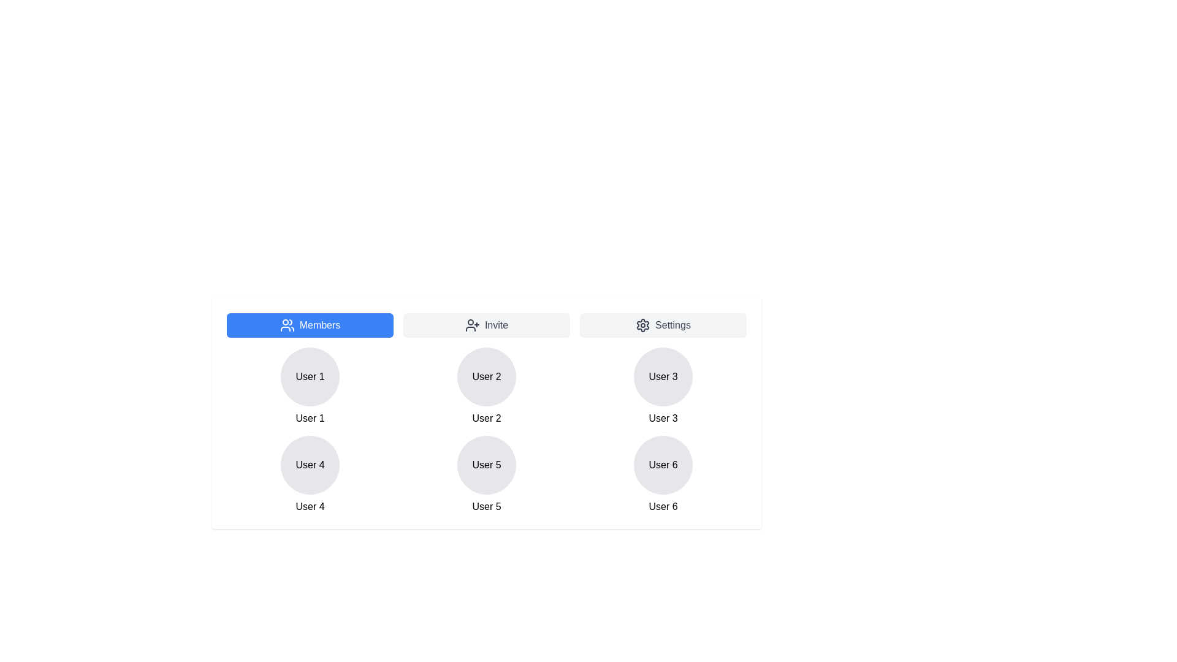 The width and height of the screenshot is (1177, 662). I want to click on the second button in the row, which is positioned between the 'Members' button and the 'Settings' button, so click(486, 325).